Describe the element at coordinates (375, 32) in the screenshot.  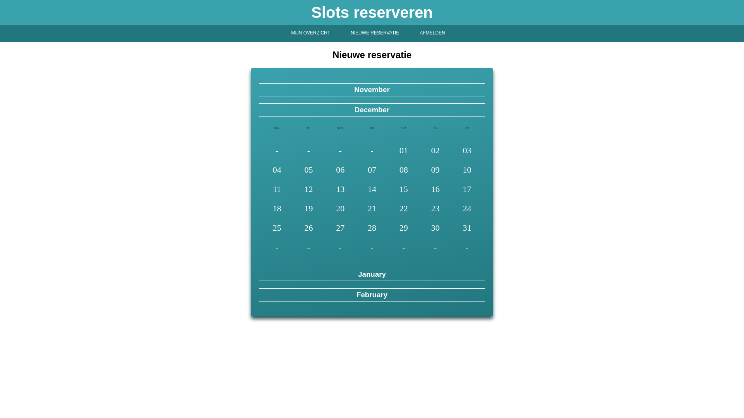
I see `'NIEUWE RESERVATIE'` at that location.